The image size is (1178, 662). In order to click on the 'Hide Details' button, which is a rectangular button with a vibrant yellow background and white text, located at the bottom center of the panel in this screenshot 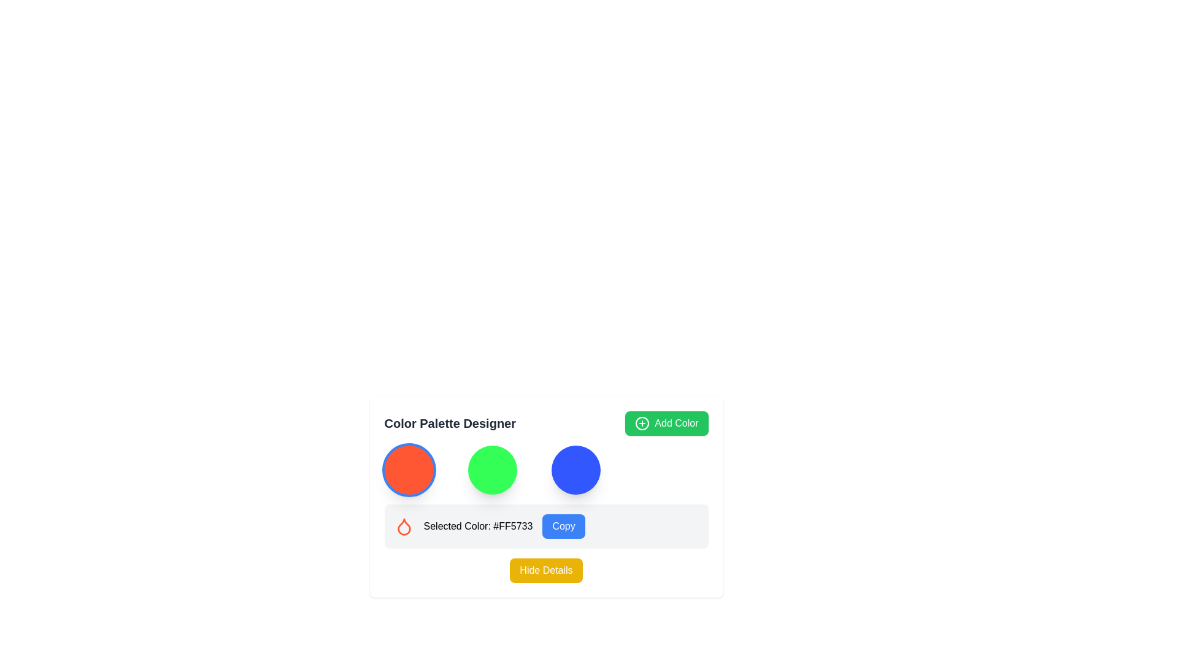, I will do `click(545, 570)`.